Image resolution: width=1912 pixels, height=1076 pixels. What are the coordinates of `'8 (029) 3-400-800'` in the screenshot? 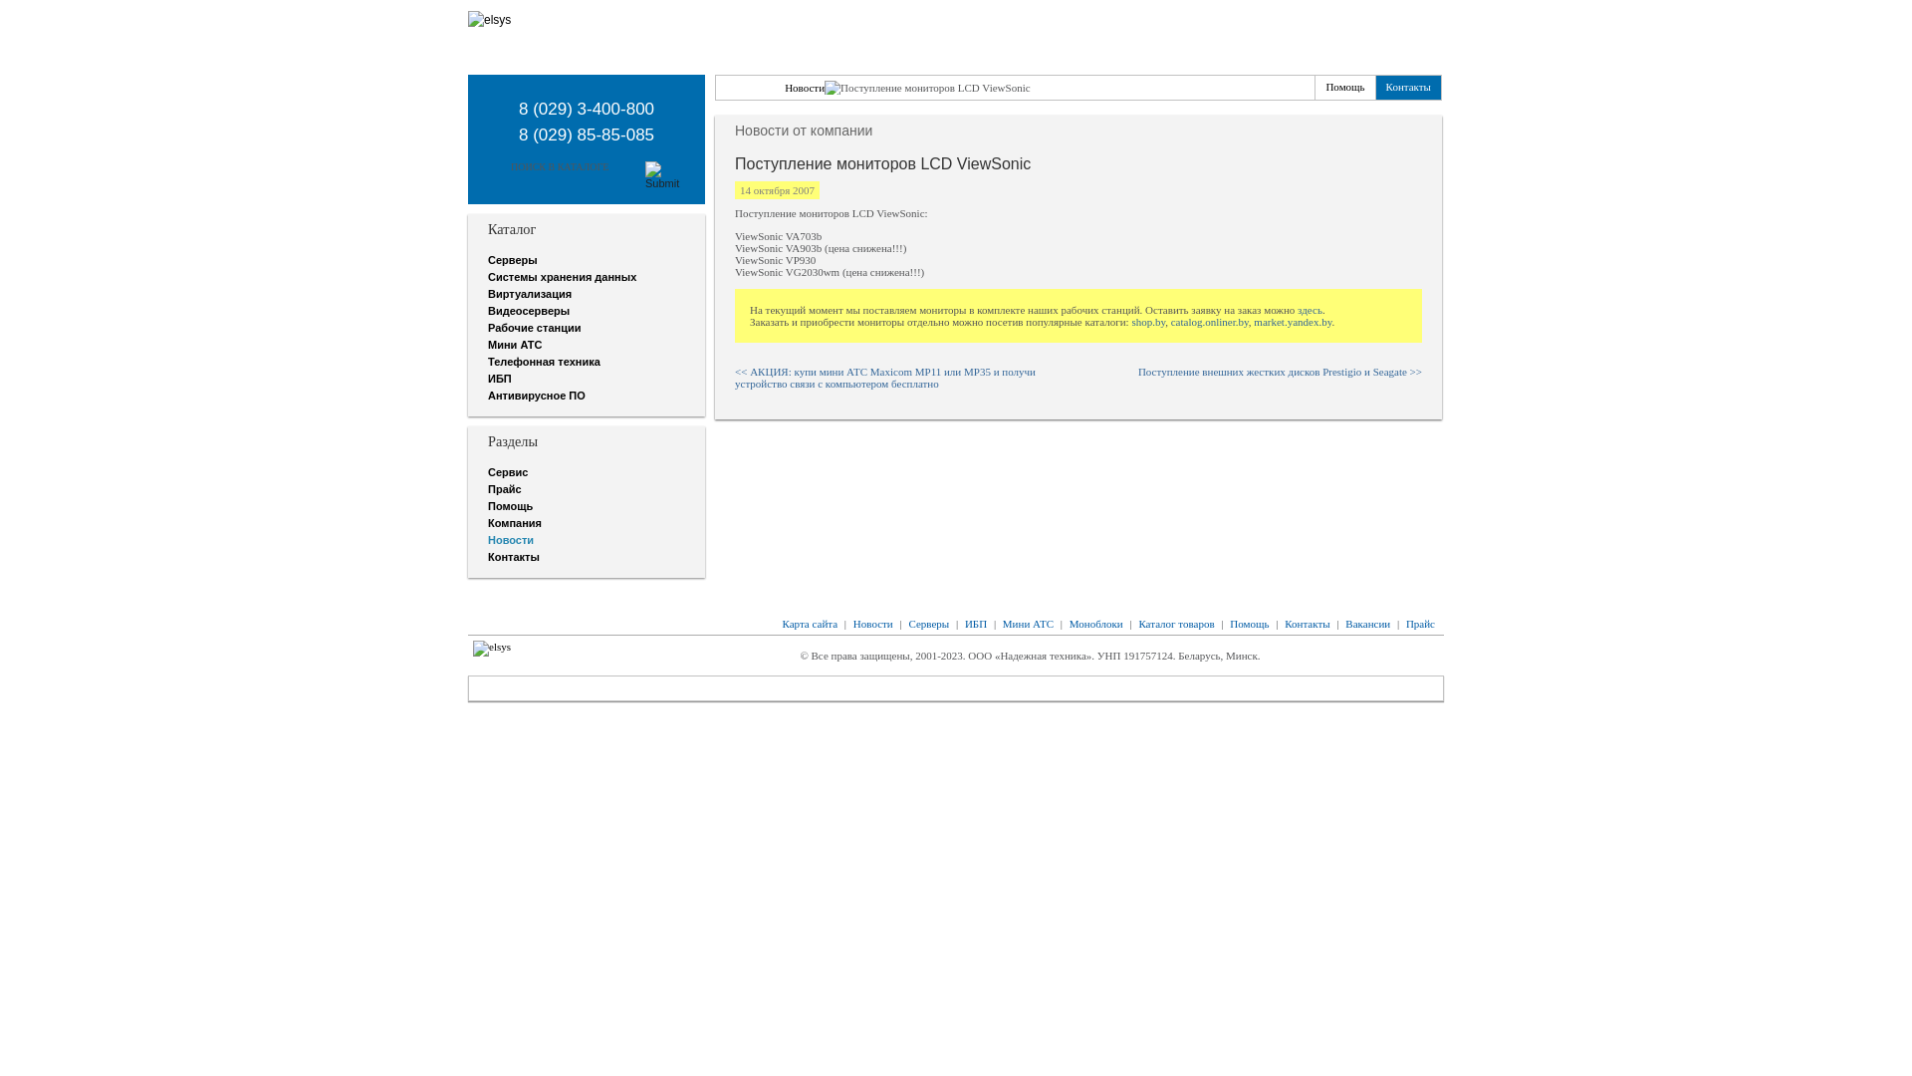 It's located at (586, 109).